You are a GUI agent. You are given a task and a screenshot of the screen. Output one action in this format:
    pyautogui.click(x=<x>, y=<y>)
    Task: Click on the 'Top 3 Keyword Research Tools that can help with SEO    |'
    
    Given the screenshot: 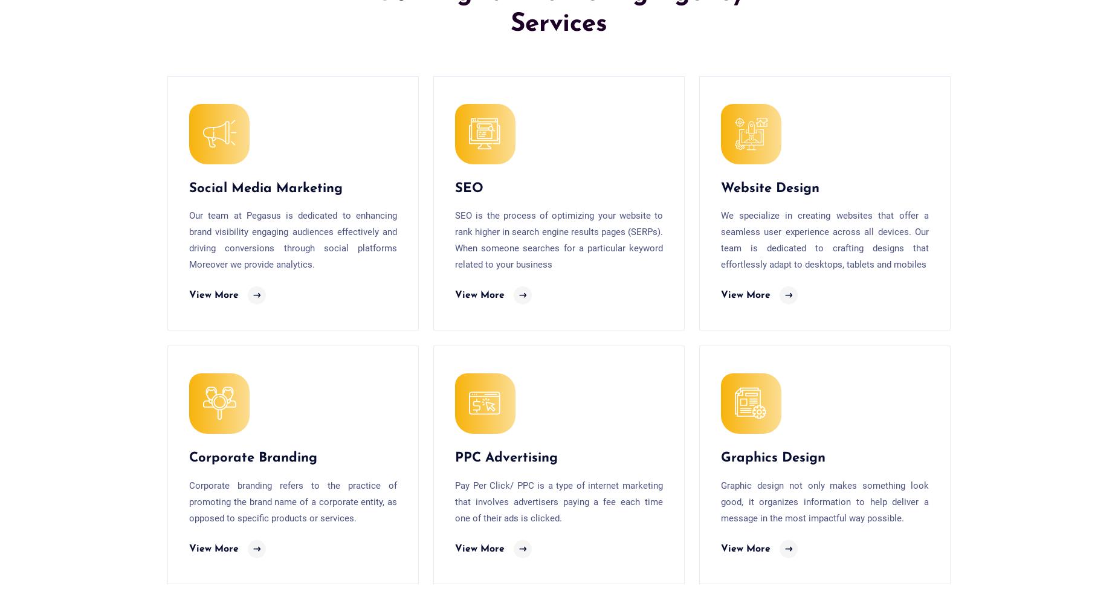 What is the action you would take?
    pyautogui.click(x=819, y=480)
    